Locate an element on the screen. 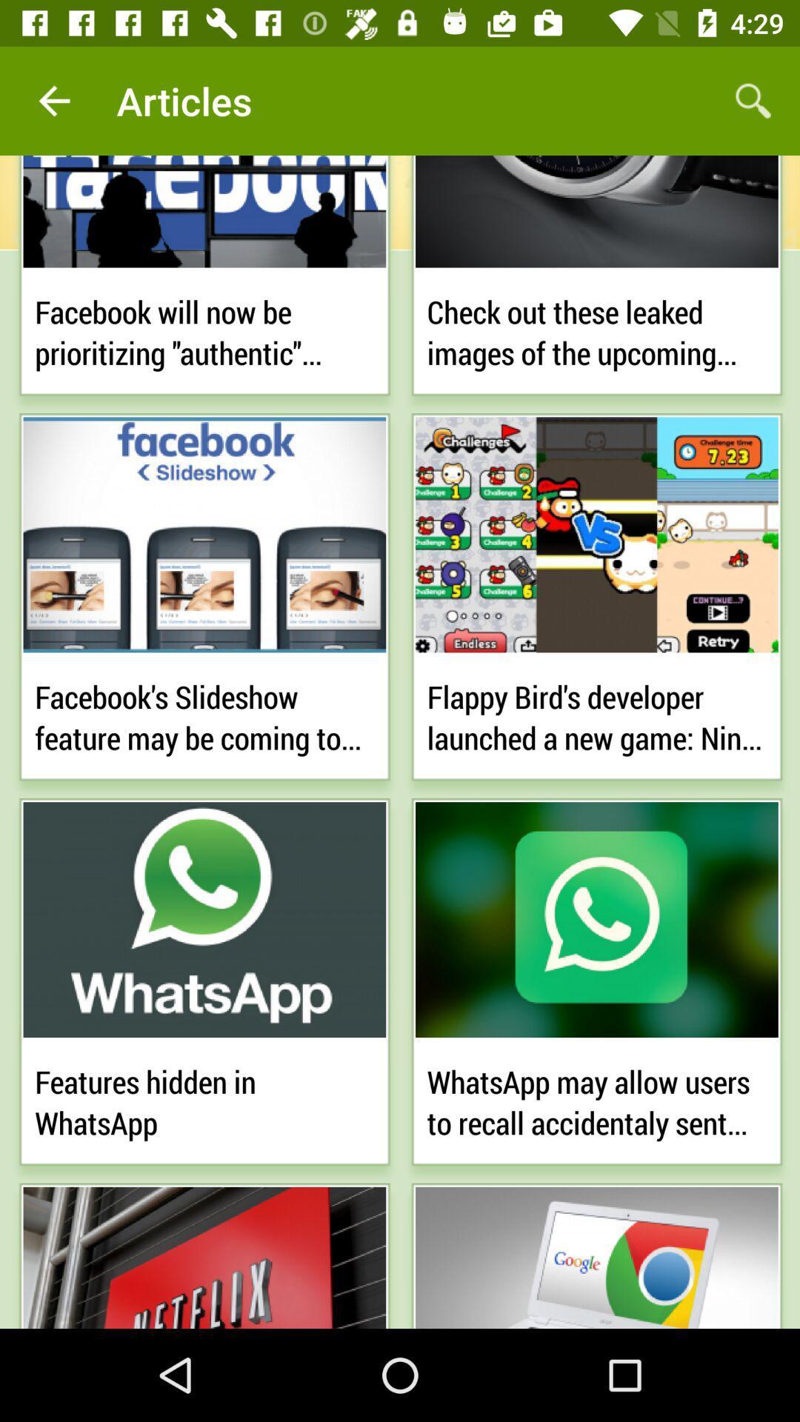  the facebook will now is located at coordinates (204, 329).